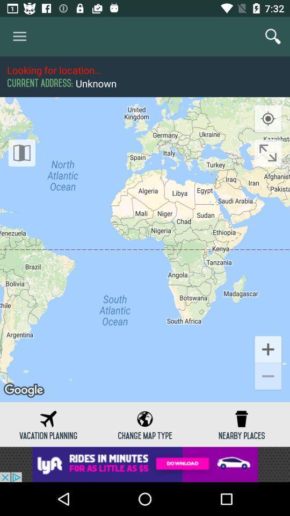 This screenshot has width=290, height=516. Describe the element at coordinates (145, 464) in the screenshot. I see `access advertising` at that location.